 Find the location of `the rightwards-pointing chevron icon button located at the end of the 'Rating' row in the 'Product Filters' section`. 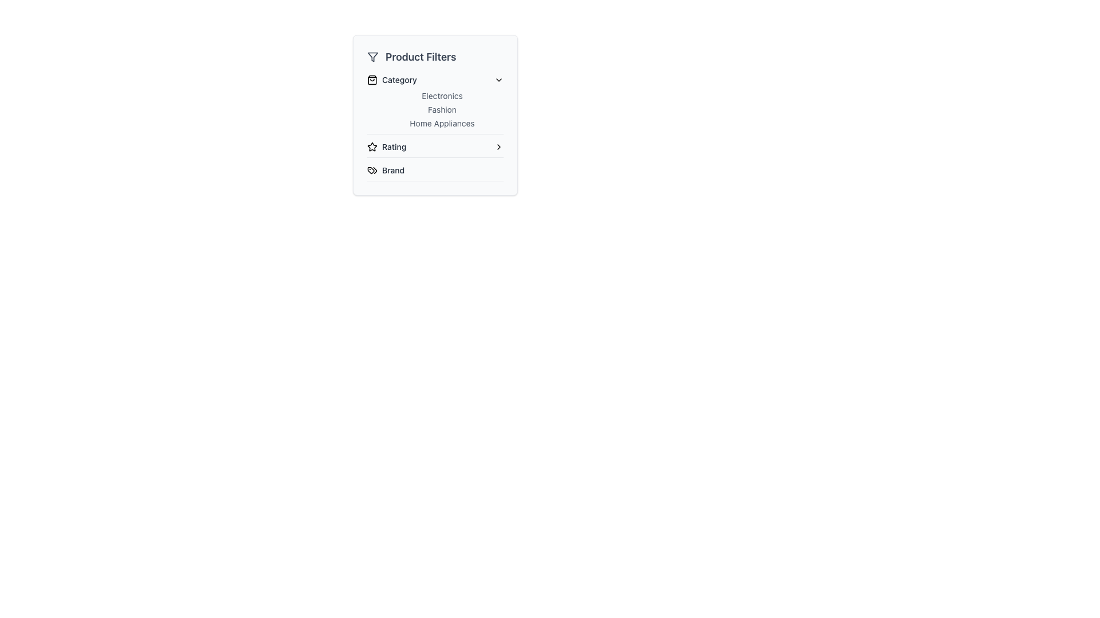

the rightwards-pointing chevron icon button located at the end of the 'Rating' row in the 'Product Filters' section is located at coordinates (498, 146).